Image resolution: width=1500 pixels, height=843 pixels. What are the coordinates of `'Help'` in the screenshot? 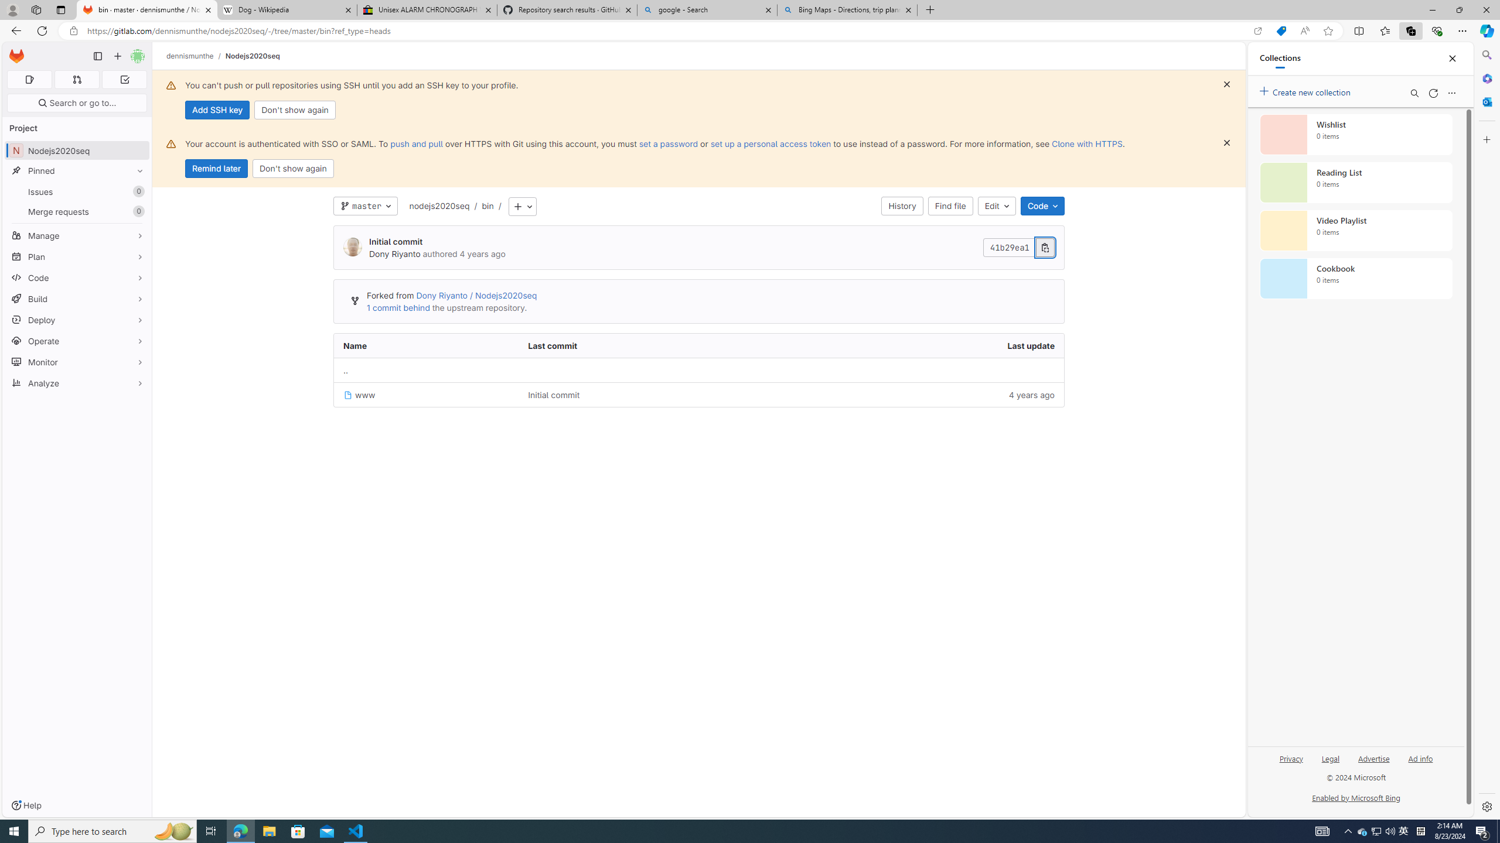 It's located at (26, 804).